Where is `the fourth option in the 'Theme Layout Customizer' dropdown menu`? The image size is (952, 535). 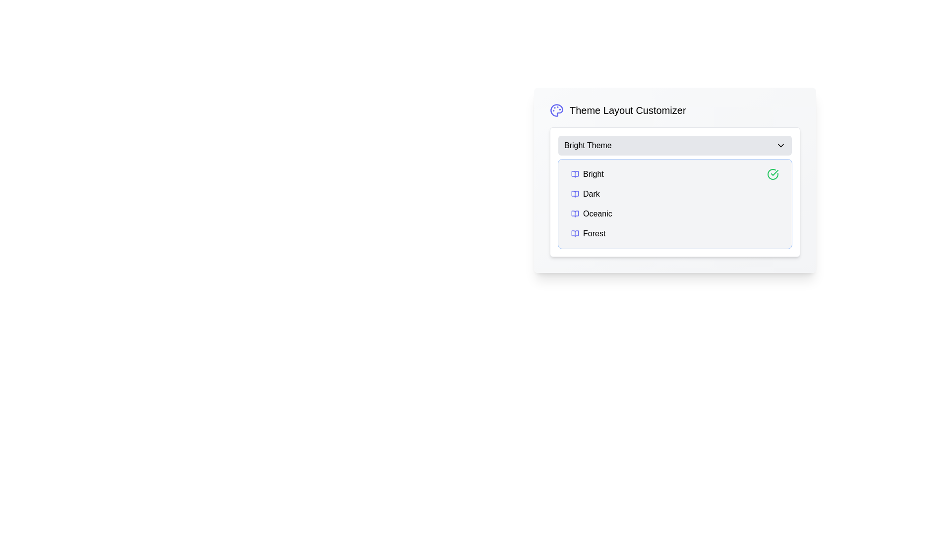
the fourth option in the 'Theme Layout Customizer' dropdown menu is located at coordinates (594, 233).